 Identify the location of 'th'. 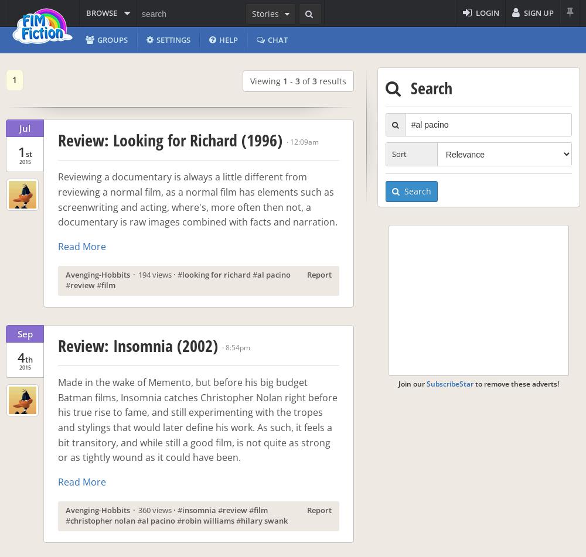
(28, 358).